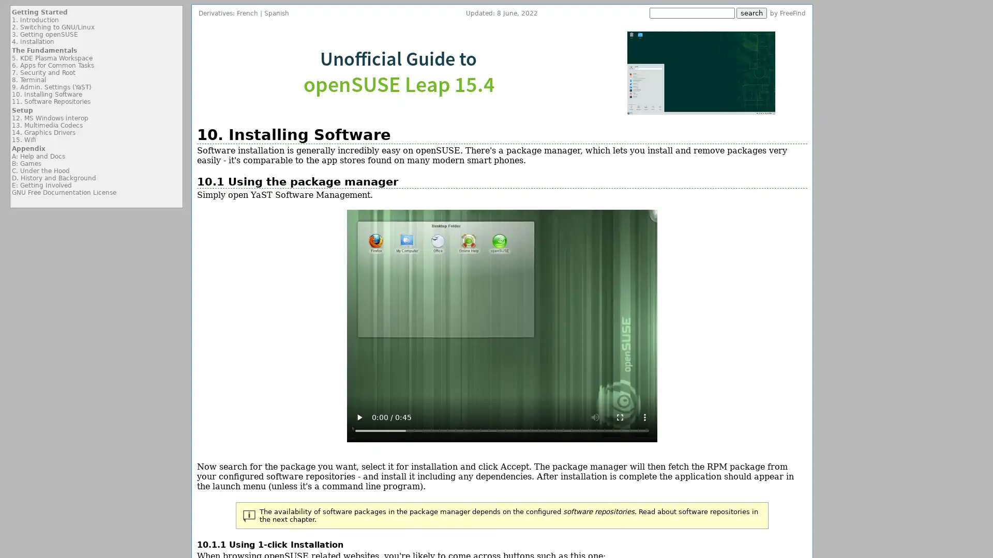 The width and height of the screenshot is (993, 558). I want to click on mute, so click(595, 416).